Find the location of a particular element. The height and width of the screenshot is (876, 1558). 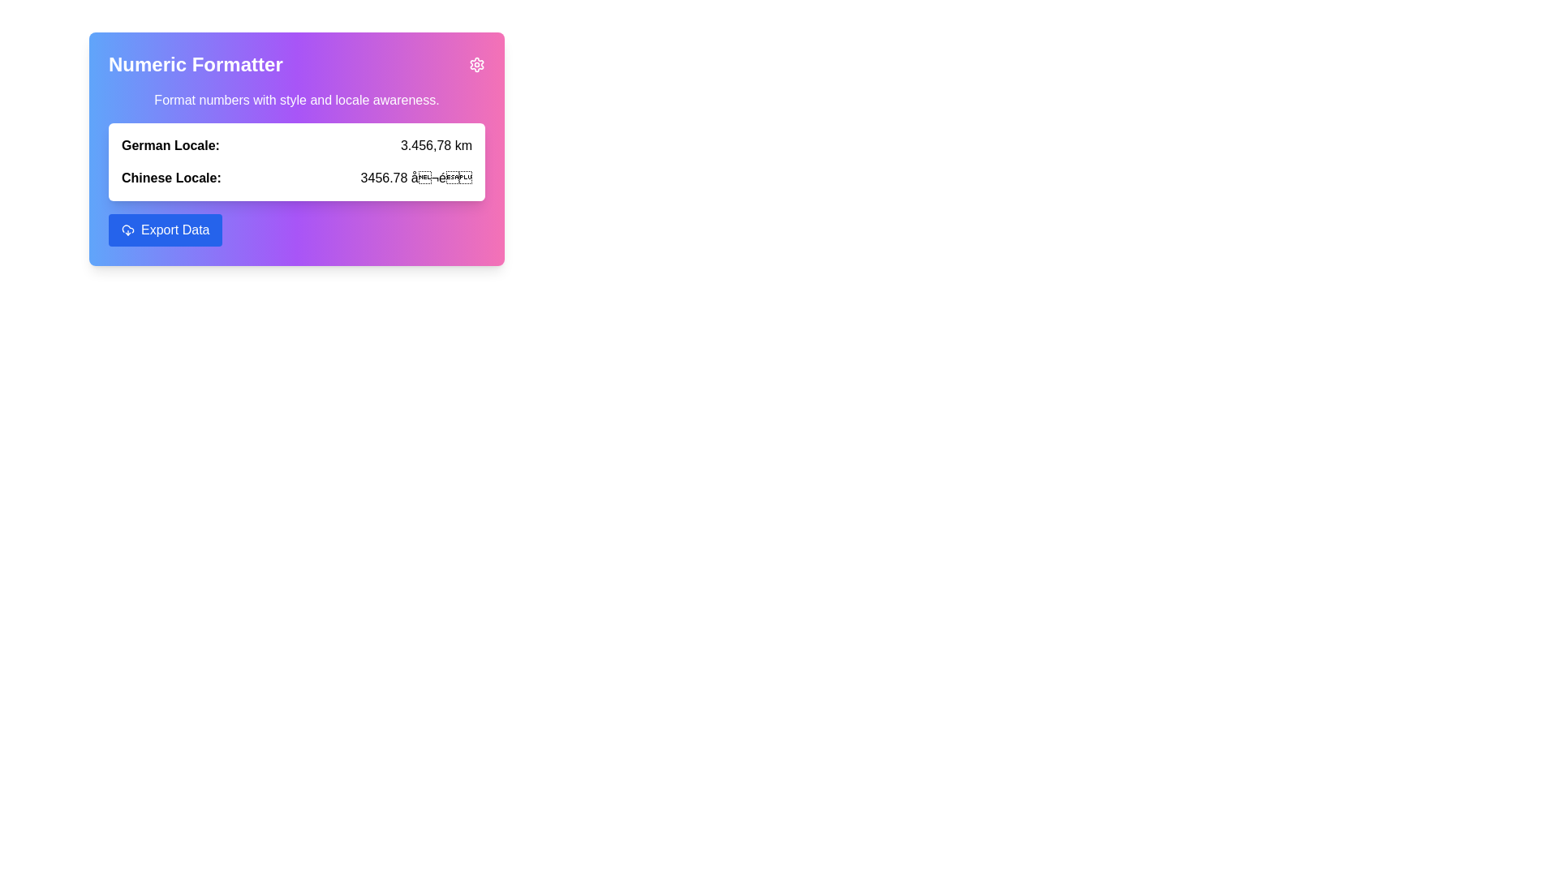

the text content within the export button located at the bottom-left corner of the interface is located at coordinates (175, 230).